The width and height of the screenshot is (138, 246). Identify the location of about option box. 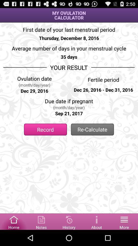
(97, 221).